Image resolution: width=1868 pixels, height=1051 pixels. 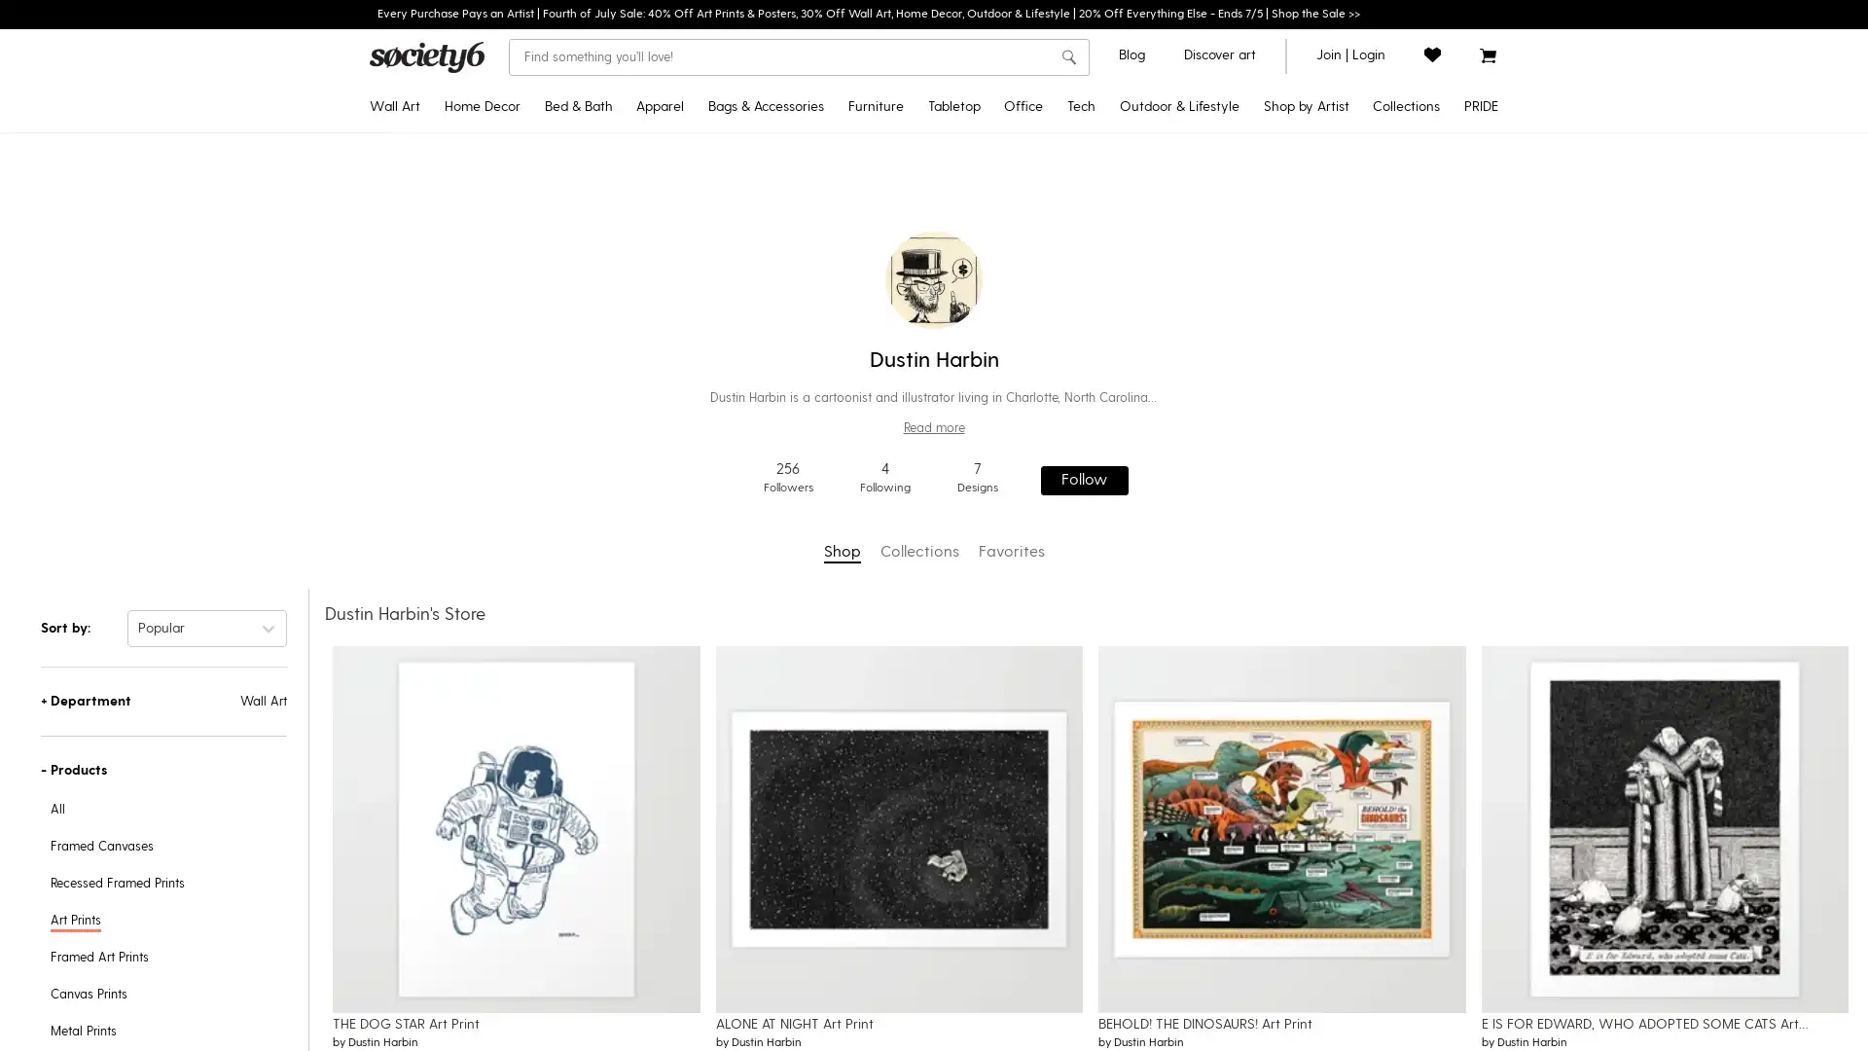 I want to click on Serving Trays, so click(x=989, y=438).